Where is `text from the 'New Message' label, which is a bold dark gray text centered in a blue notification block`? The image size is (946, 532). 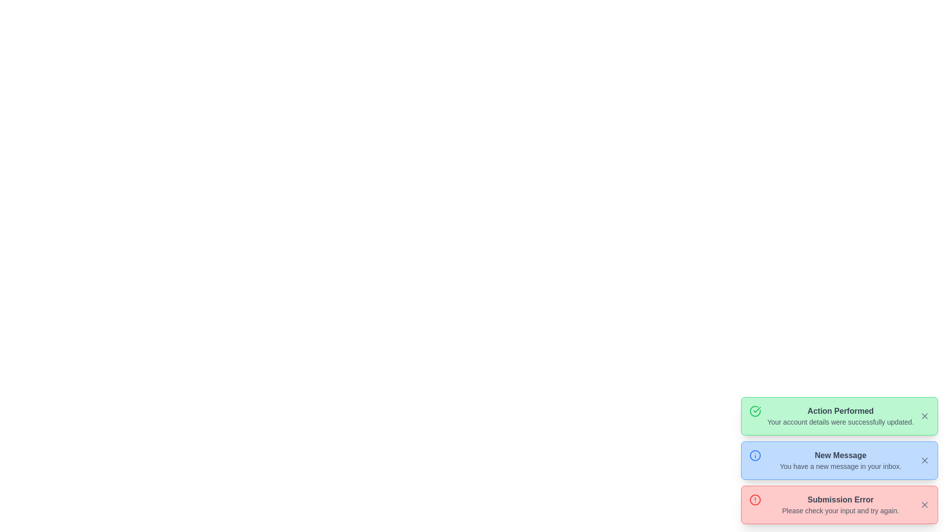
text from the 'New Message' label, which is a bold dark gray text centered in a blue notification block is located at coordinates (840, 456).